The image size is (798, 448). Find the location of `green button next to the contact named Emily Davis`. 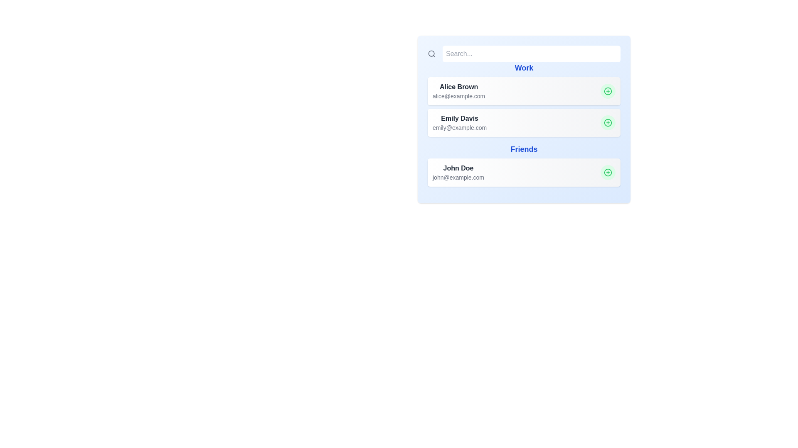

green button next to the contact named Emily Davis is located at coordinates (608, 123).